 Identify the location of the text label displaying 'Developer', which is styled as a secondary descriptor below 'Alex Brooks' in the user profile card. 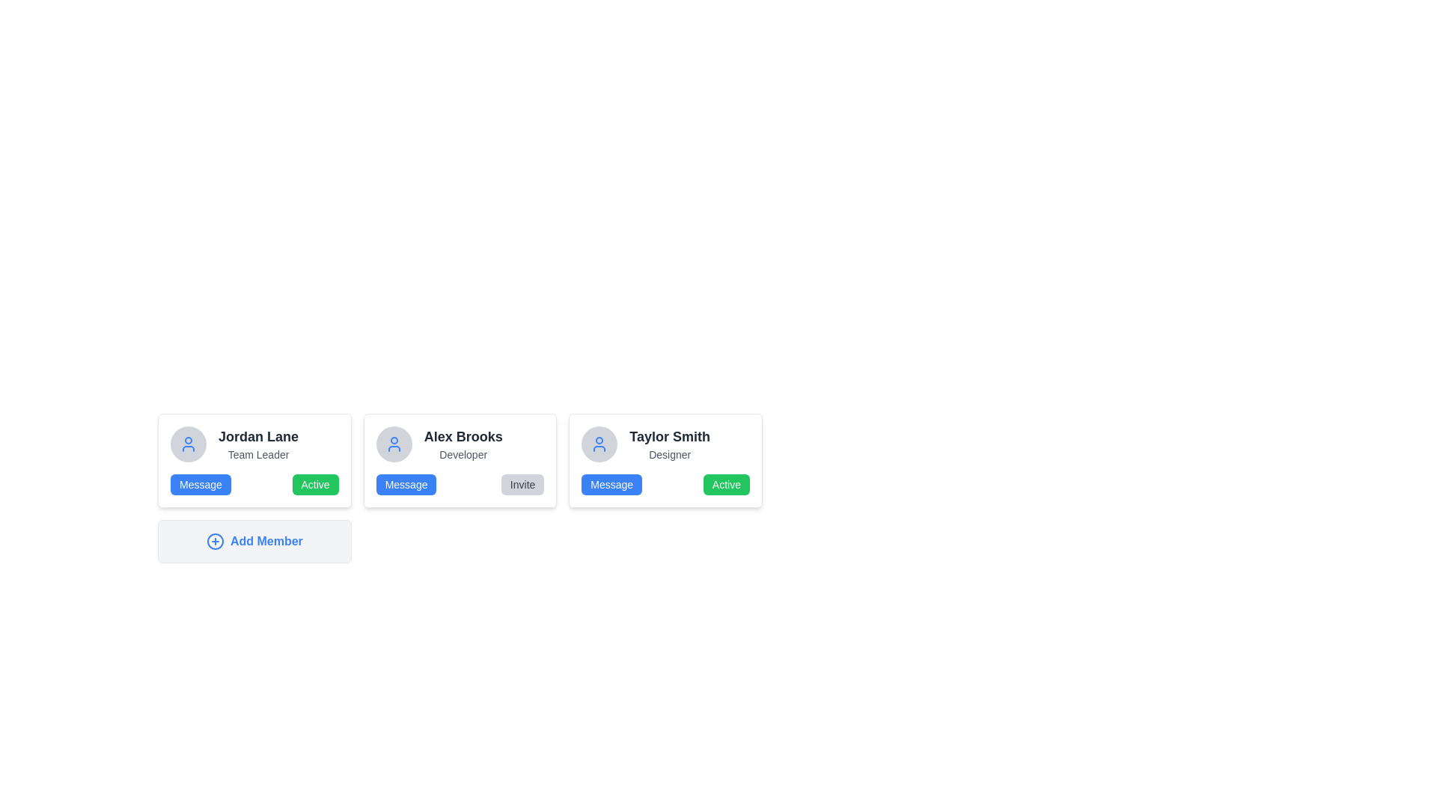
(463, 454).